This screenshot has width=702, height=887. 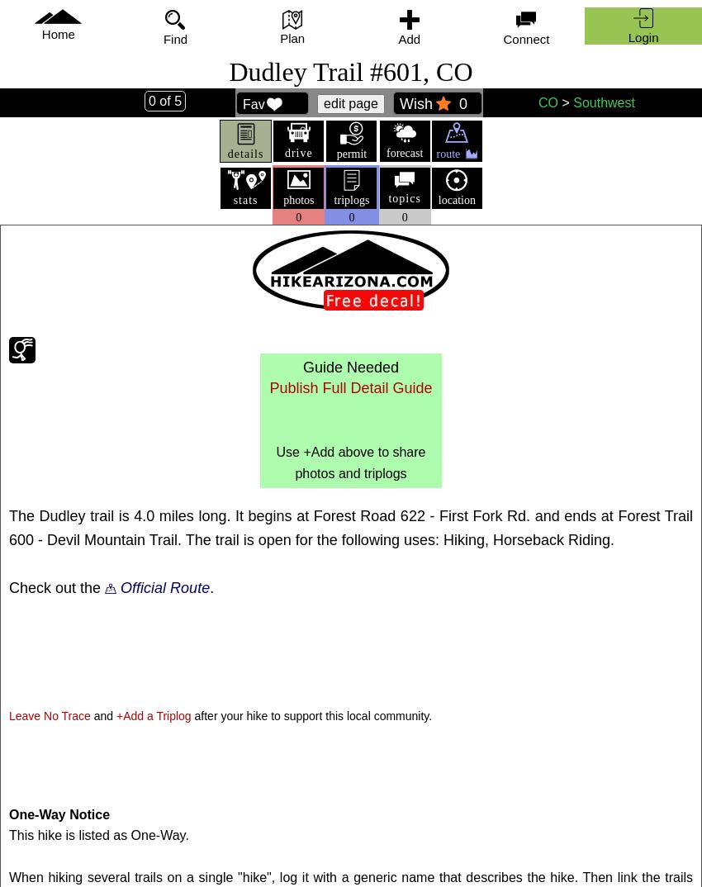 What do you see at coordinates (351, 154) in the screenshot?
I see `'permit'` at bounding box center [351, 154].